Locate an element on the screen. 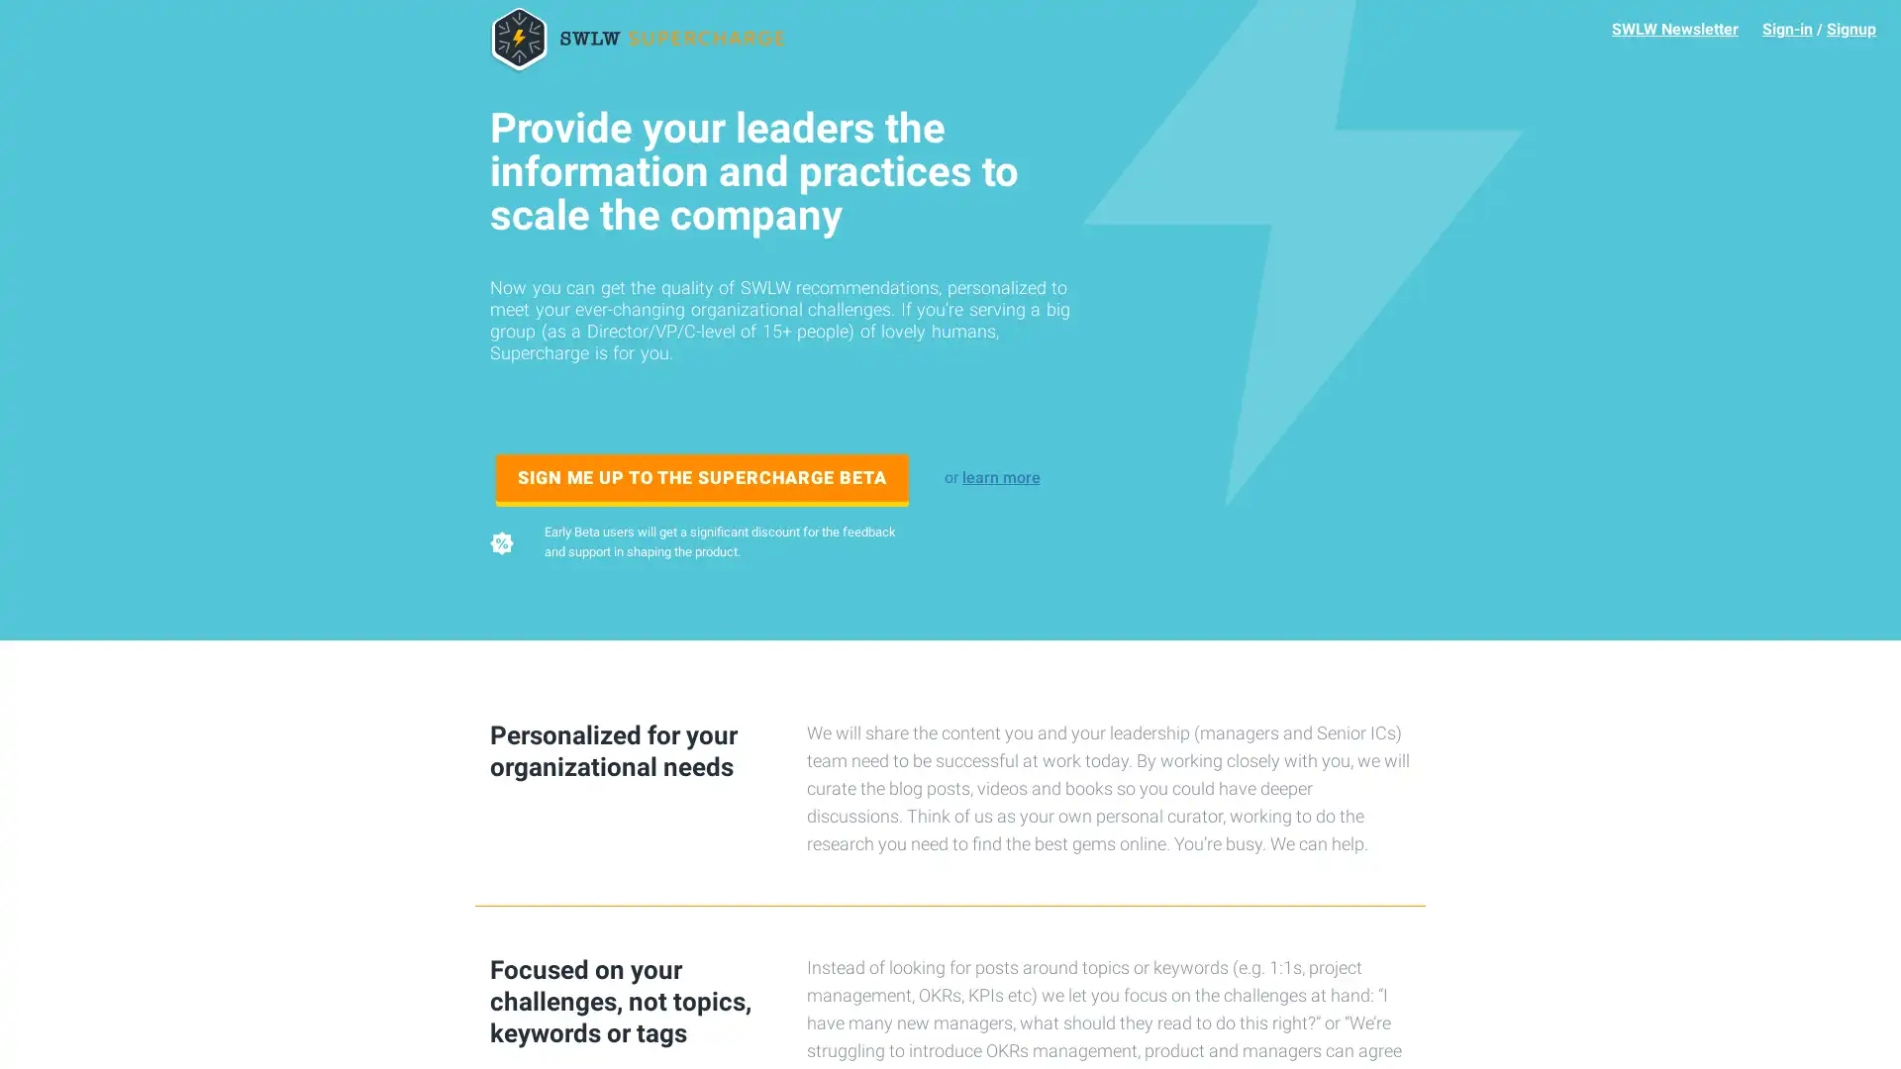 Image resolution: width=1901 pixels, height=1069 pixels. SIGN ME UP TO THE SUPERCHARGE BETA is located at coordinates (702, 477).